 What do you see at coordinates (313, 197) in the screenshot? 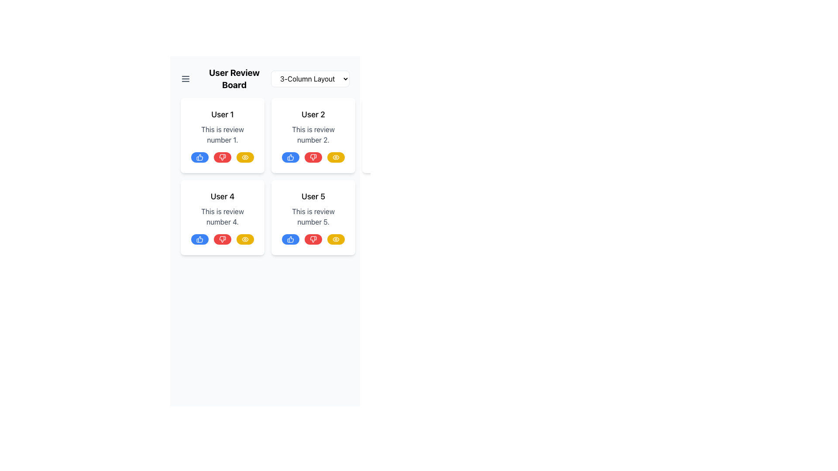
I see `the static text label reading 'User 5', which is styled in bold and slightly larger font, located at the top of the second card in the bottom right-hand corner of the visible section` at bounding box center [313, 197].